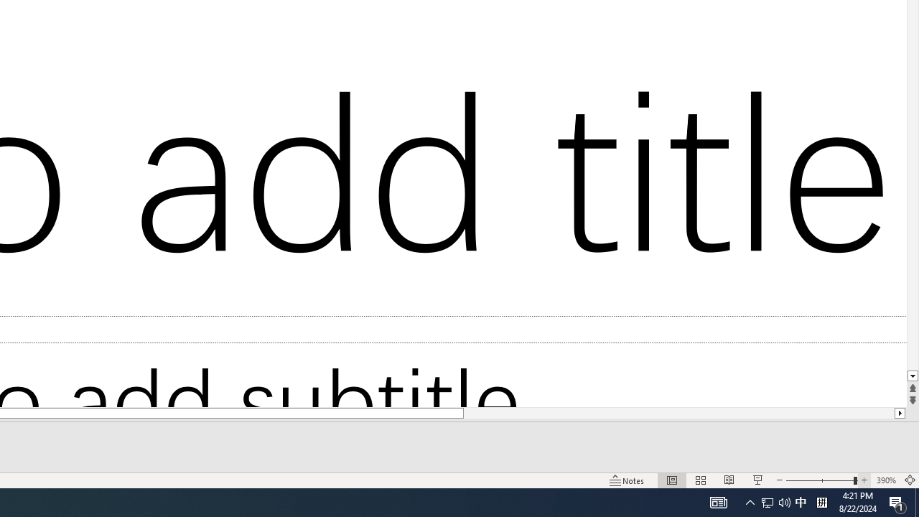 The height and width of the screenshot is (517, 919). Describe the element at coordinates (819, 480) in the screenshot. I see `'Zoom Out'` at that location.